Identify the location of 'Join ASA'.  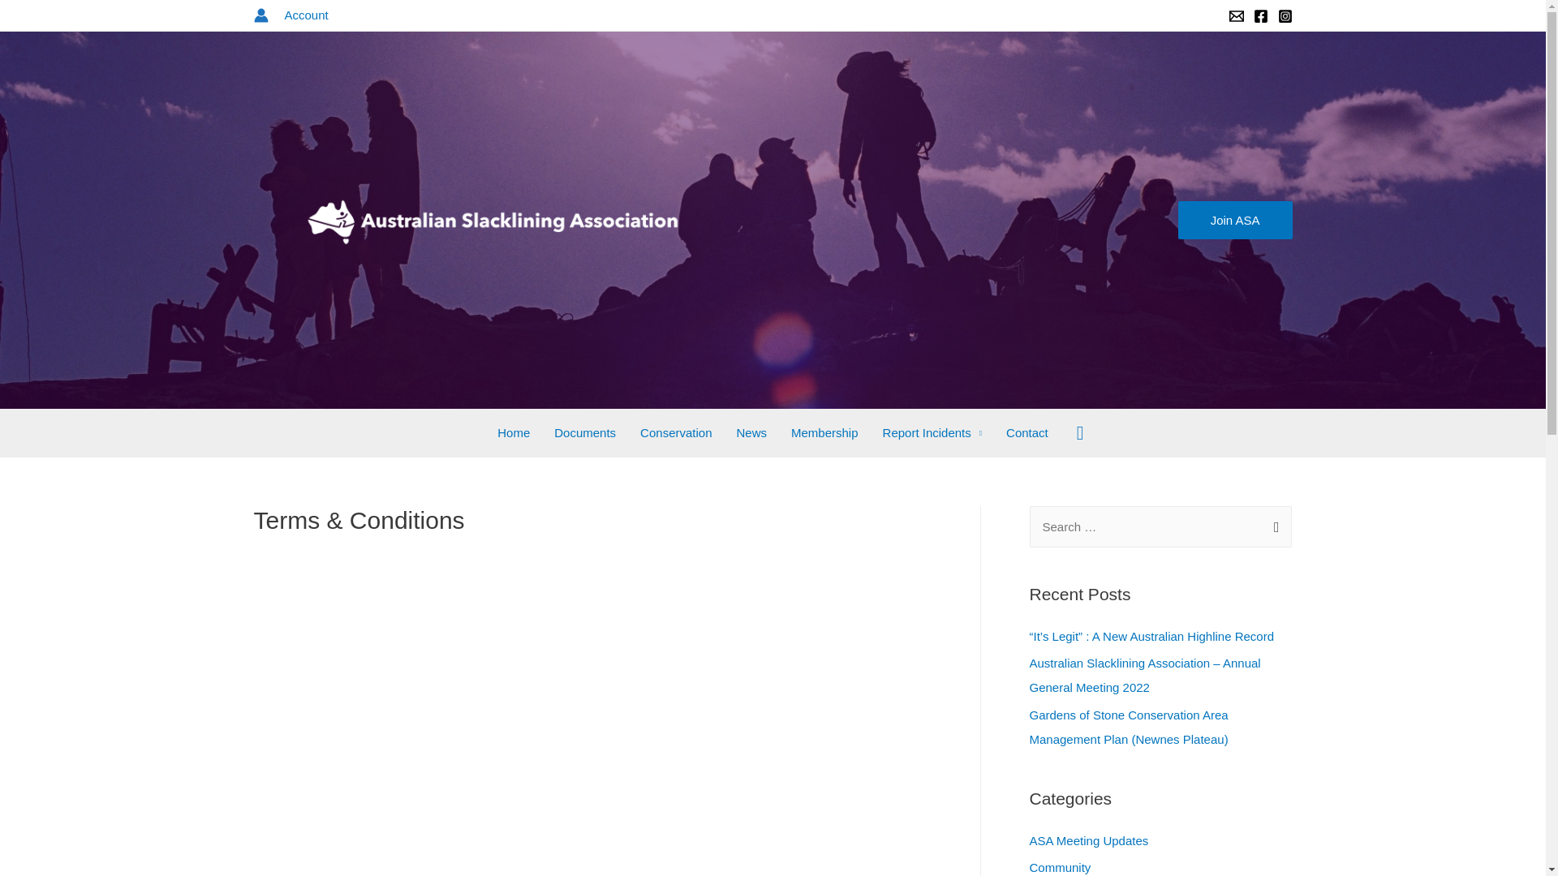
(1234, 221).